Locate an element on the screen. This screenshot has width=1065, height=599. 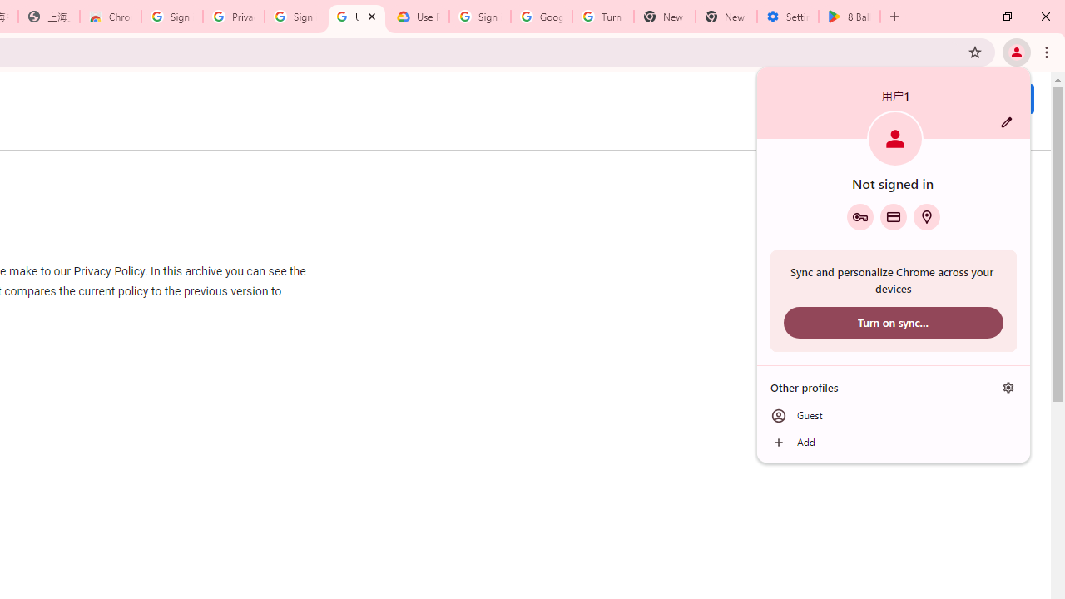
'Addresses and more' is located at coordinates (926, 216).